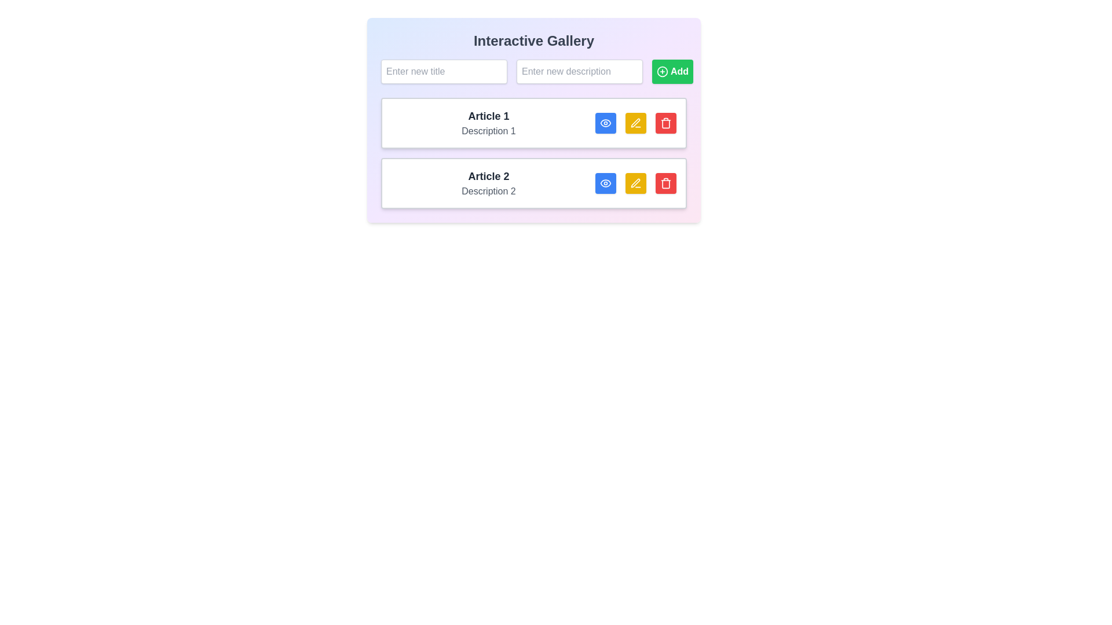  Describe the element at coordinates (666, 123) in the screenshot. I see `the red square-shaped button with a white trashcan icon in the upper-right section of 'Article 1' to initiate deletion` at that location.